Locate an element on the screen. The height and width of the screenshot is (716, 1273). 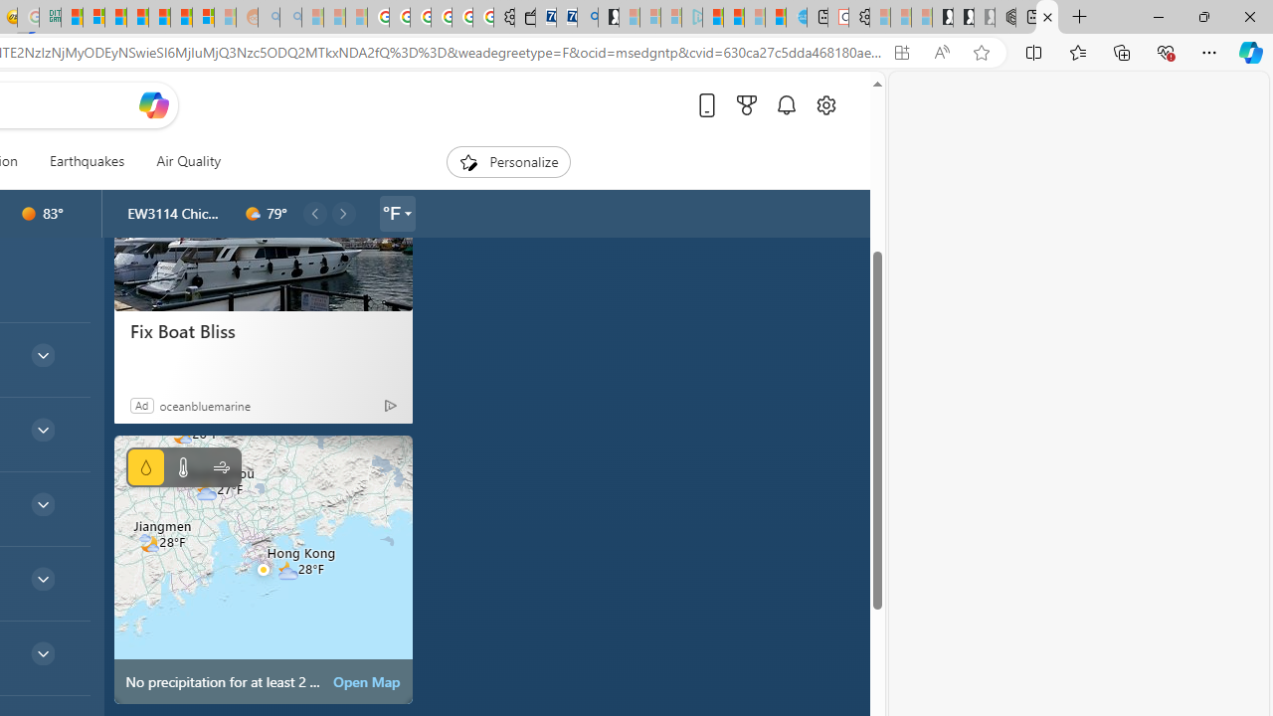
'No precipitation for at least 2 hours' is located at coordinates (262, 569).